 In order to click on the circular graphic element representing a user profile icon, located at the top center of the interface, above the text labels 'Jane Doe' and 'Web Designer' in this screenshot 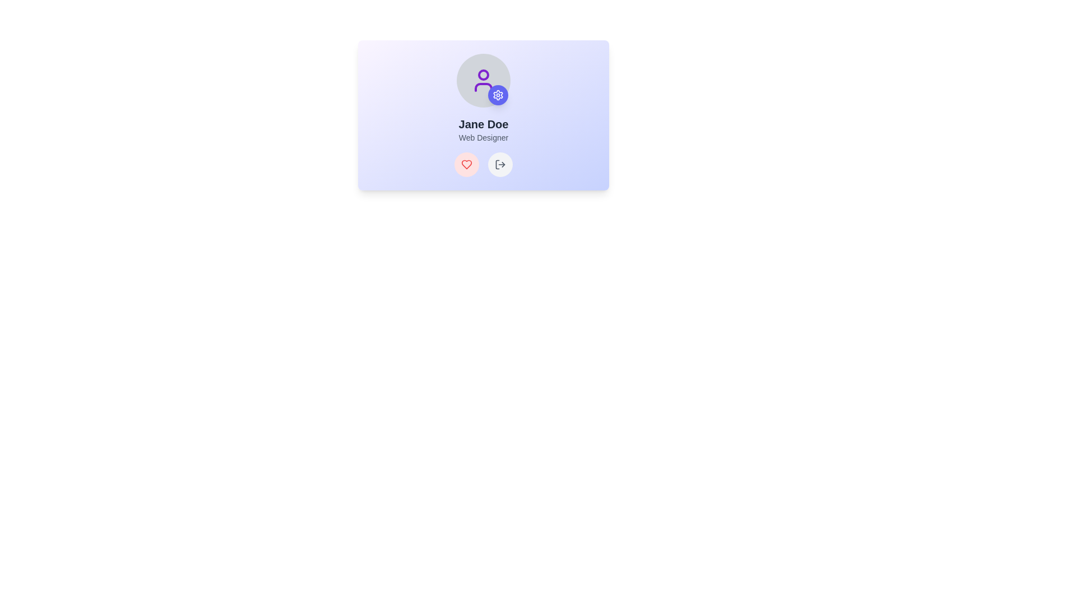, I will do `click(484, 75)`.